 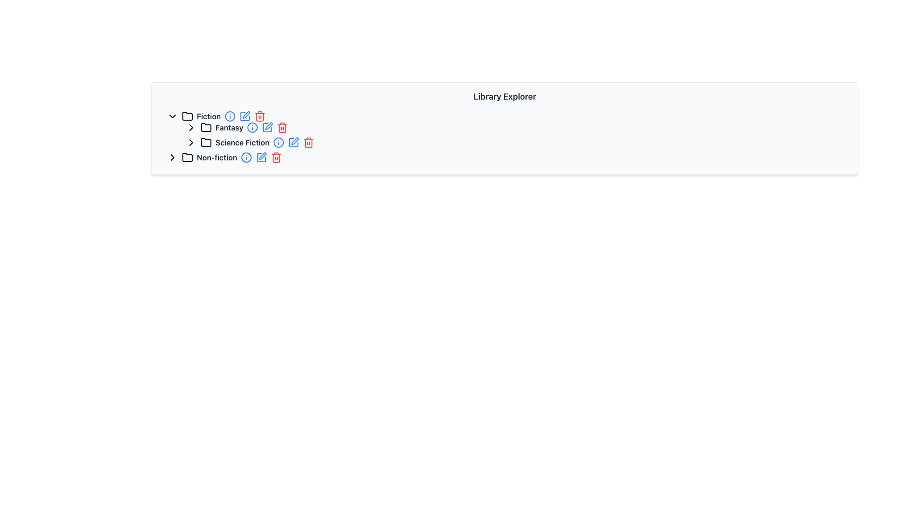 I want to click on the delete icon located to the right of the 'Science Fiction' category in the tree-view structure, so click(x=309, y=144).